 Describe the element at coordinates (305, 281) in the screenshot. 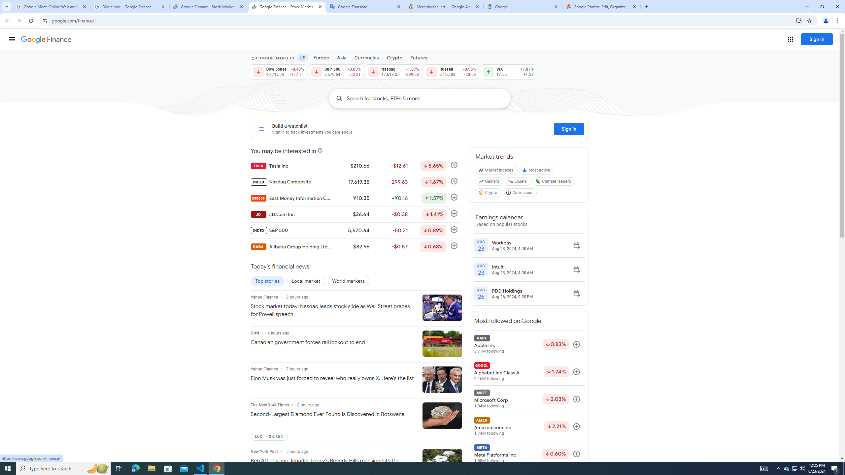

I see `'Local market'` at that location.